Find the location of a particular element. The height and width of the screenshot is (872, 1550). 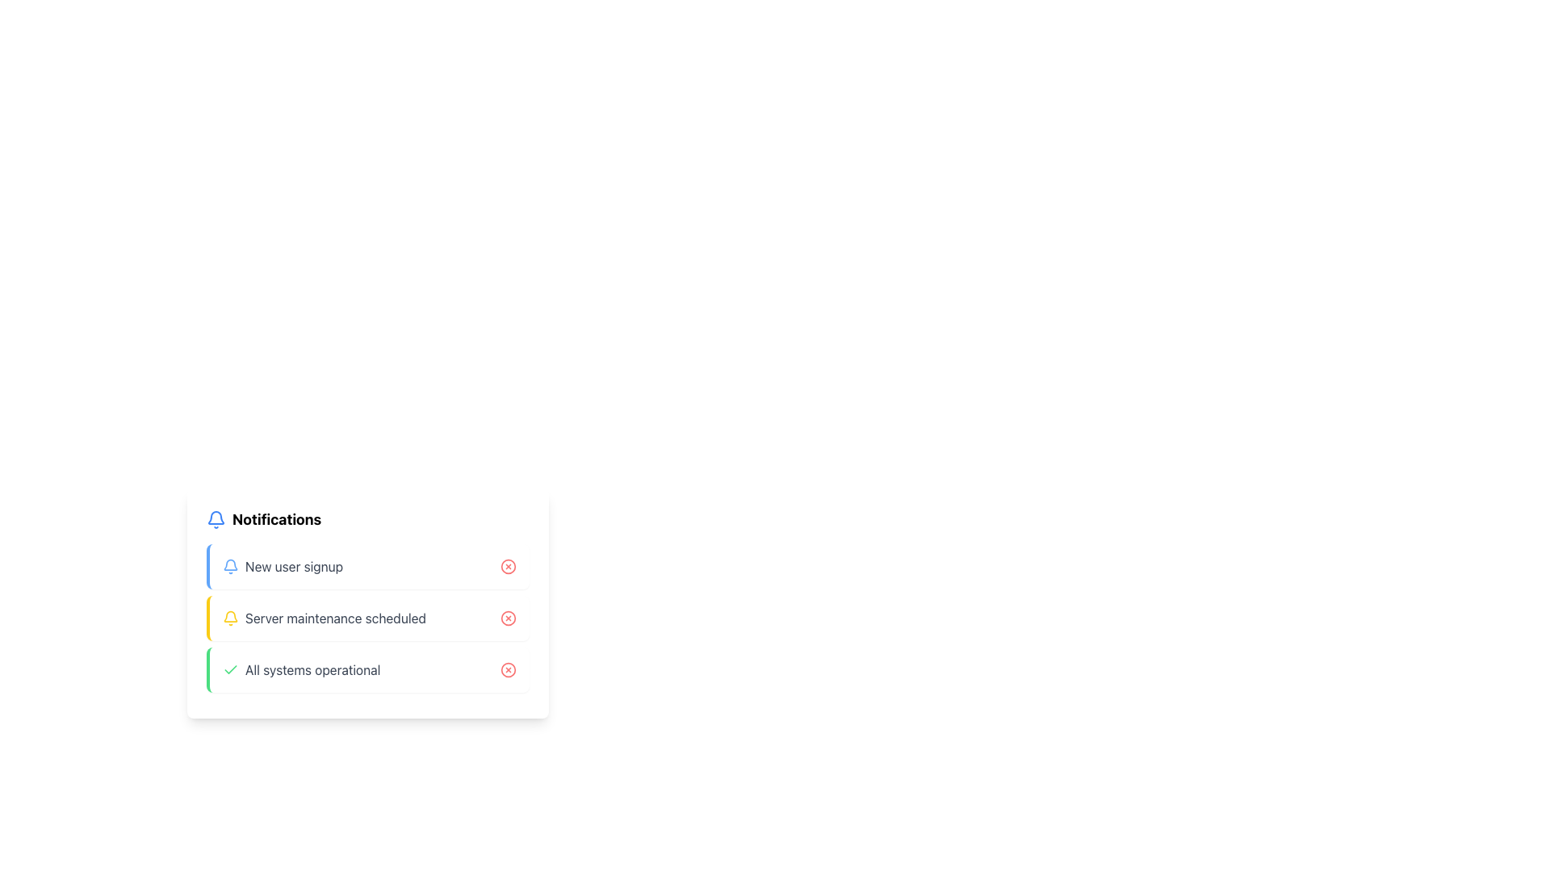

text label displaying 'Server maintenance scheduled', which is the second text element in the notification list is located at coordinates (334, 618).